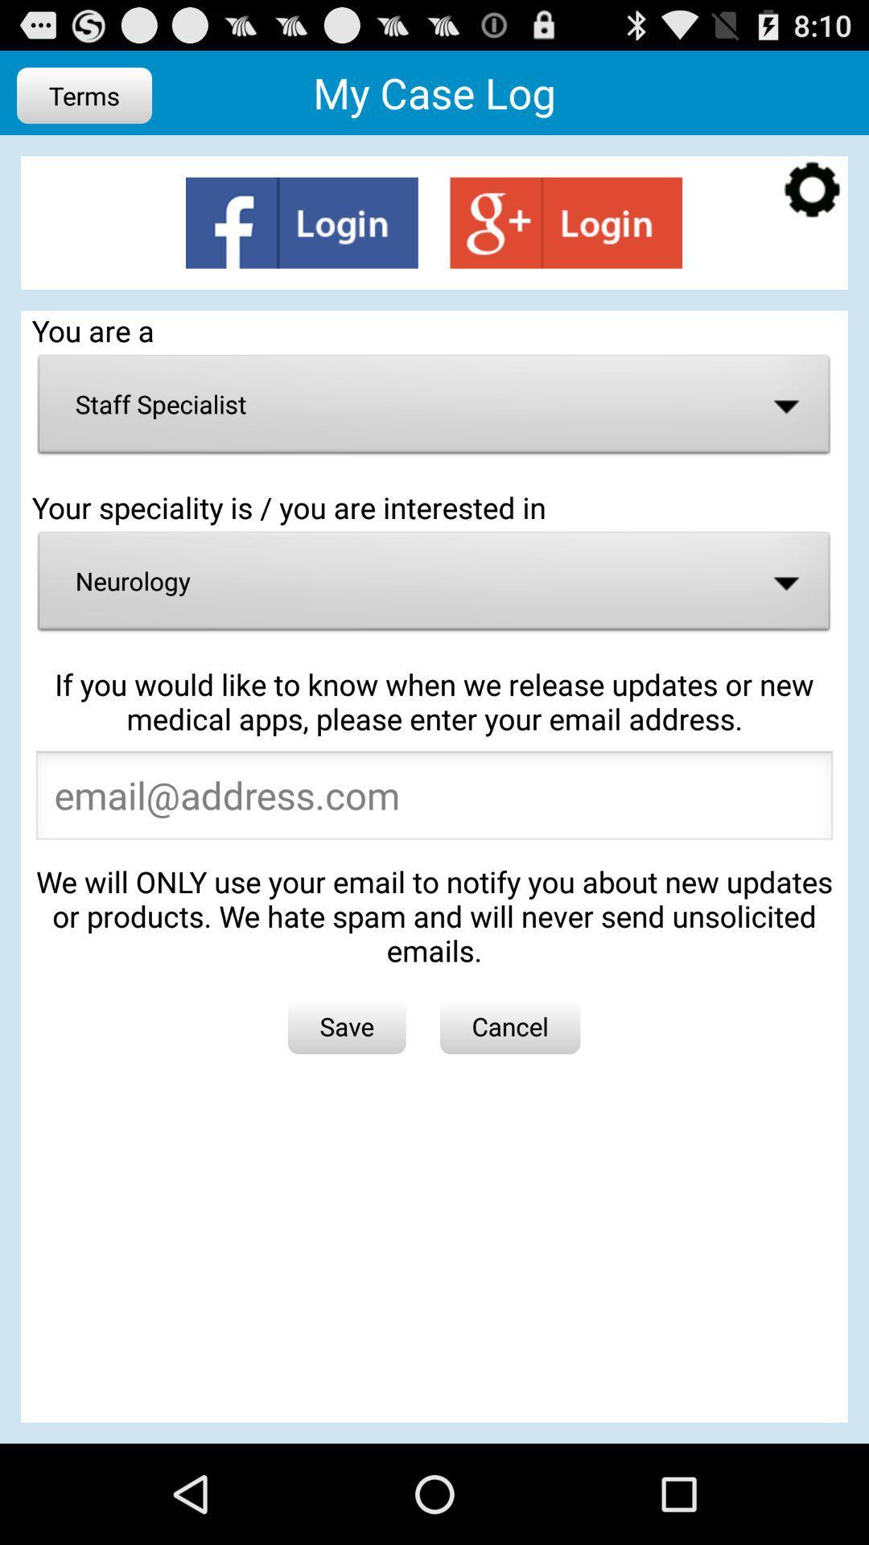 The image size is (869, 1545). What do you see at coordinates (812, 204) in the screenshot?
I see `the settings icon` at bounding box center [812, 204].